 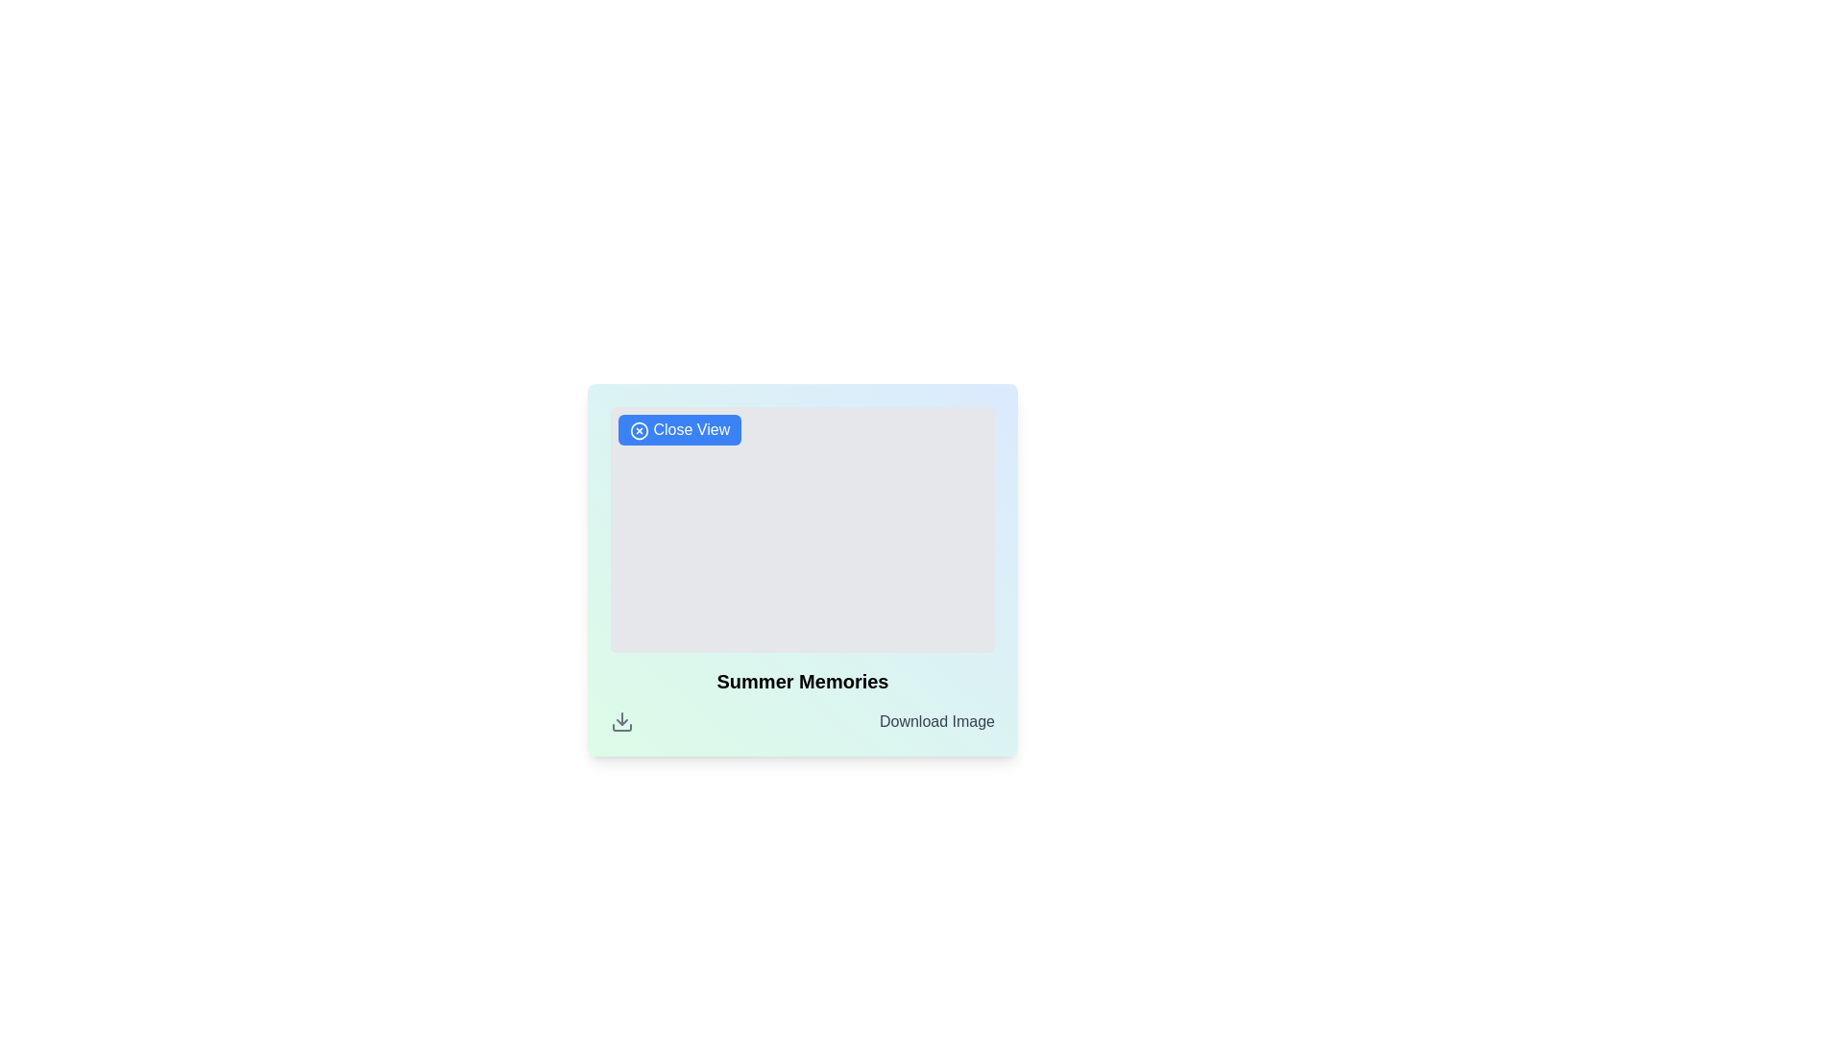 I want to click on the thin rectangular base of the download icon located at the lower left corner of the 'Summer Memories' card, so click(x=622, y=728).